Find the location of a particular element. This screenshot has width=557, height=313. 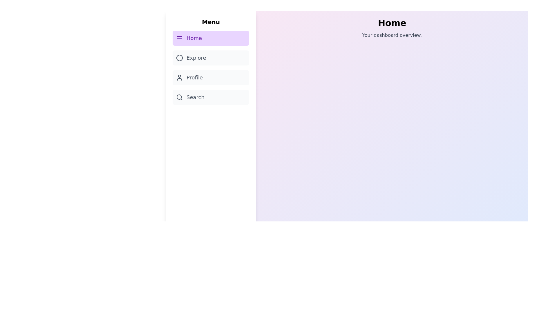

the sidebar menu item corresponding to Explore is located at coordinates (210, 58).